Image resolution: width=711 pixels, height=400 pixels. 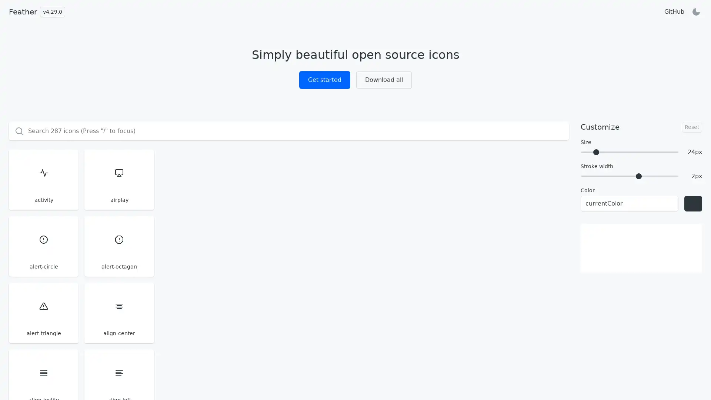 I want to click on arrow-left, so click(x=540, y=246).